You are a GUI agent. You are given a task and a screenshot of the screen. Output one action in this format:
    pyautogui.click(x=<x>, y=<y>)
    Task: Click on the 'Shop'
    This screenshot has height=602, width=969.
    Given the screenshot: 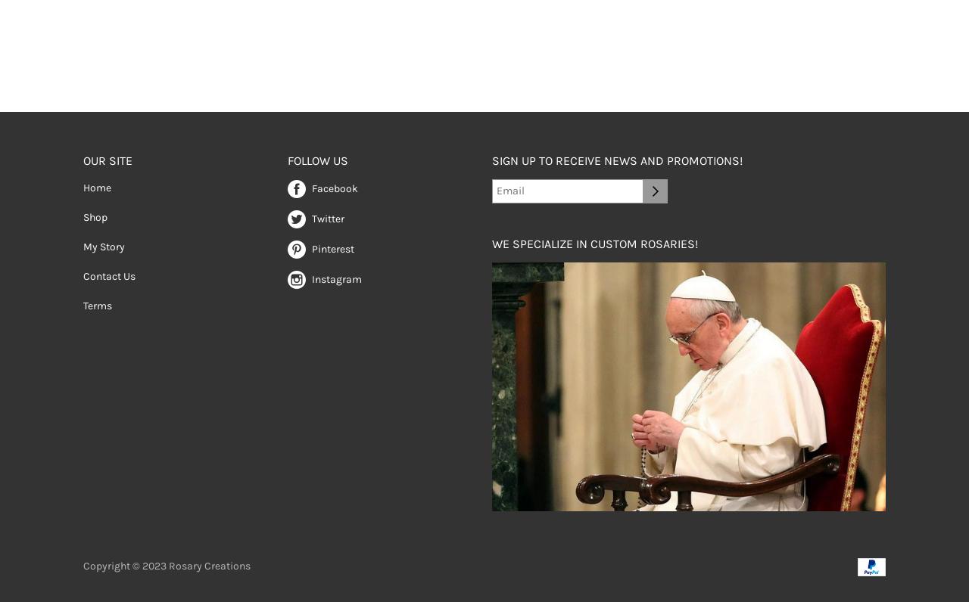 What is the action you would take?
    pyautogui.click(x=94, y=216)
    